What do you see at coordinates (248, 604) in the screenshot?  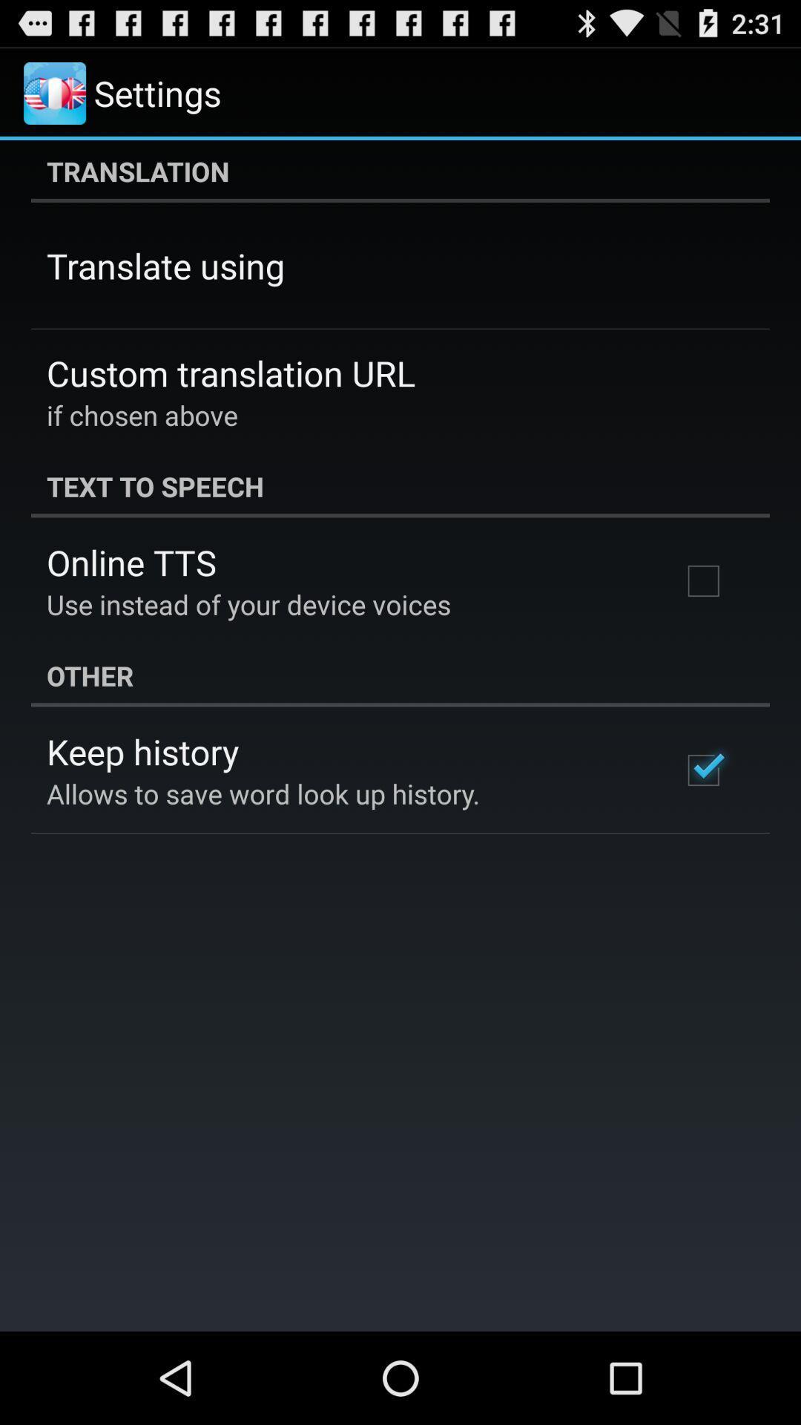 I see `use instead of icon` at bounding box center [248, 604].